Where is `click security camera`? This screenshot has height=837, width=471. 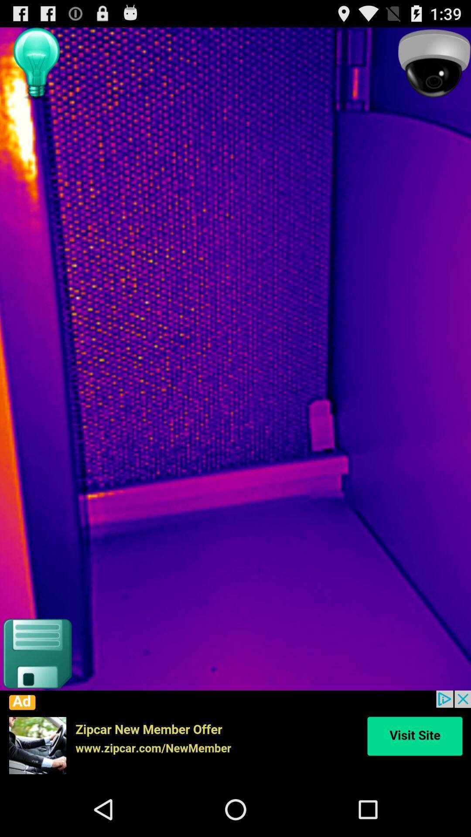 click security camera is located at coordinates (434, 64).